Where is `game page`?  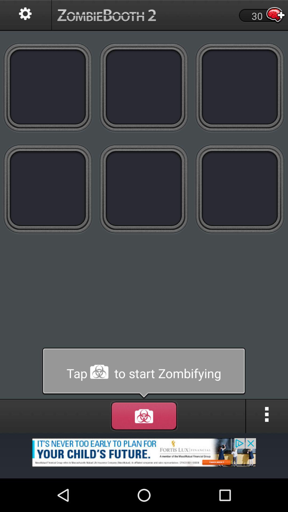
game page is located at coordinates (239, 87).